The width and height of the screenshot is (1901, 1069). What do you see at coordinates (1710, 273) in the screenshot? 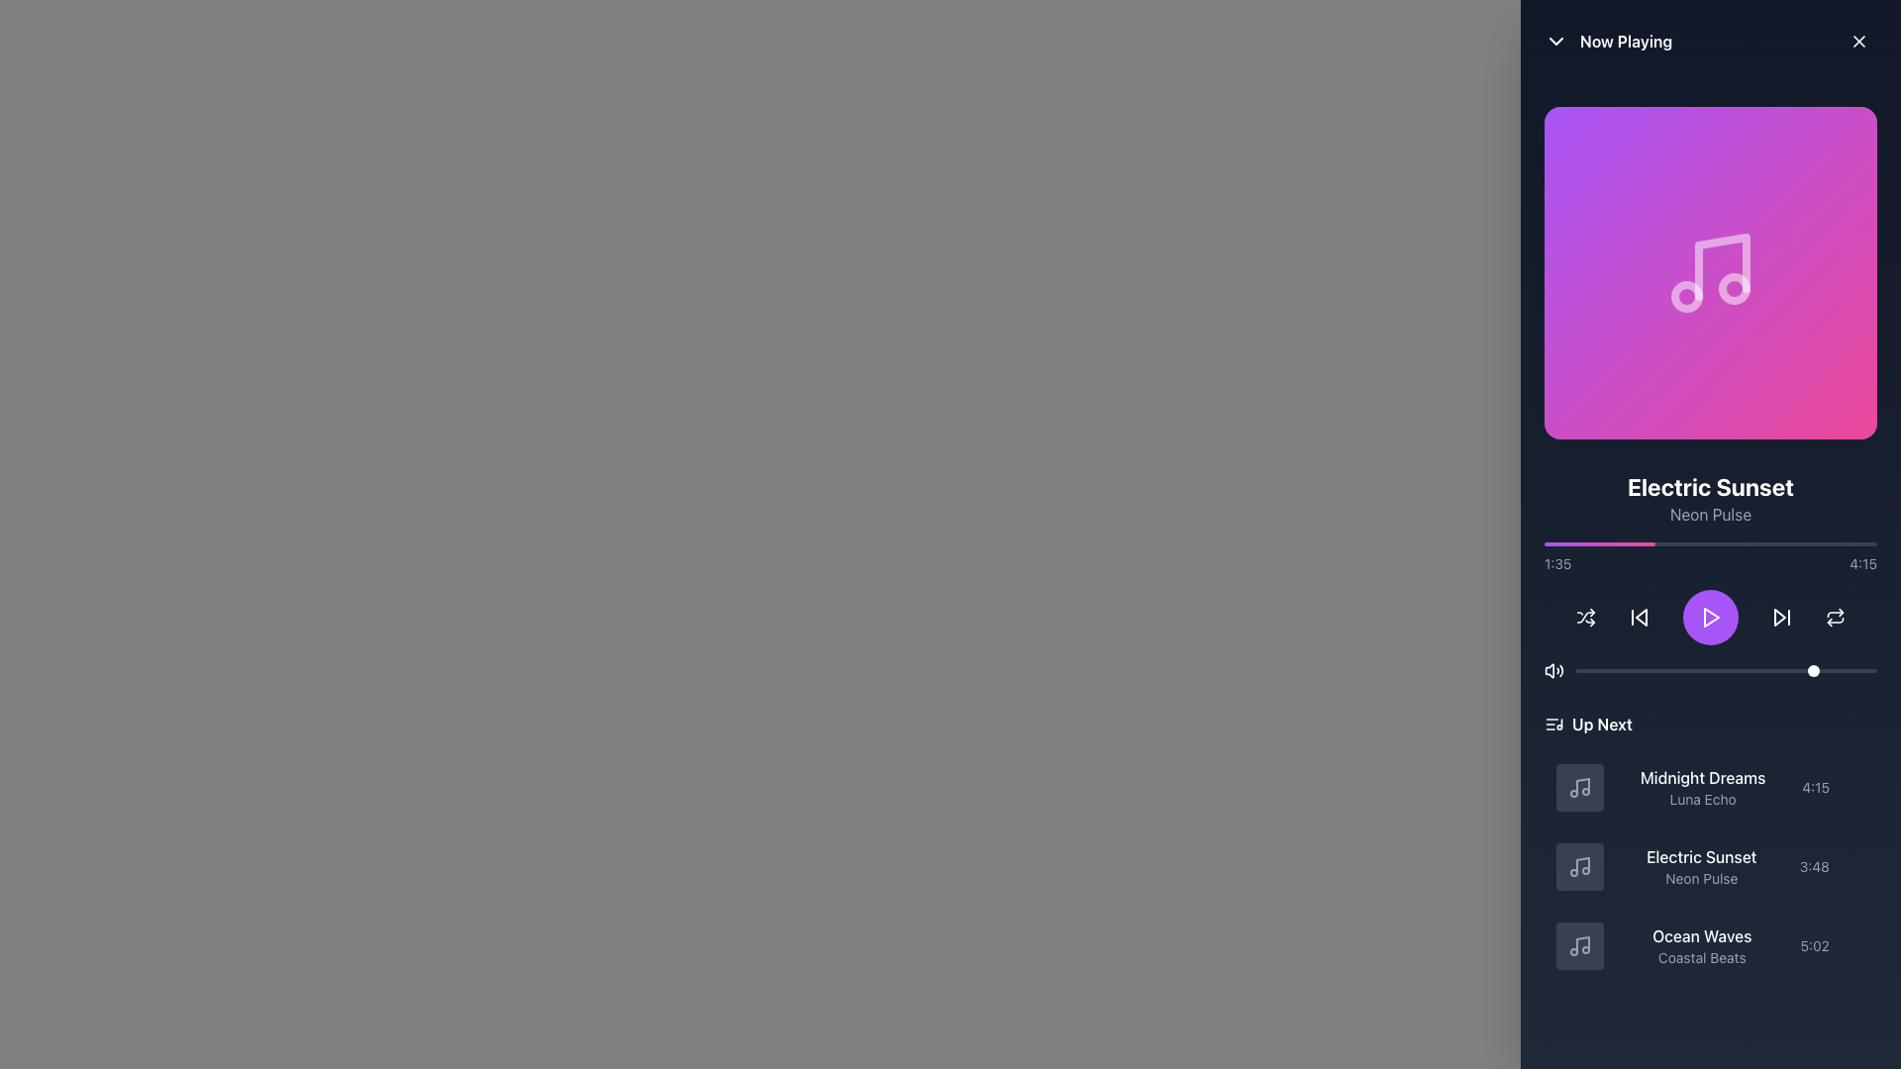
I see `the visual display area showcasing the album artwork, located in the upper-mid portion of the 'Now Playing' section, above the text displaying 'Electric Sunset' by 'Neon Pulse'` at bounding box center [1710, 273].